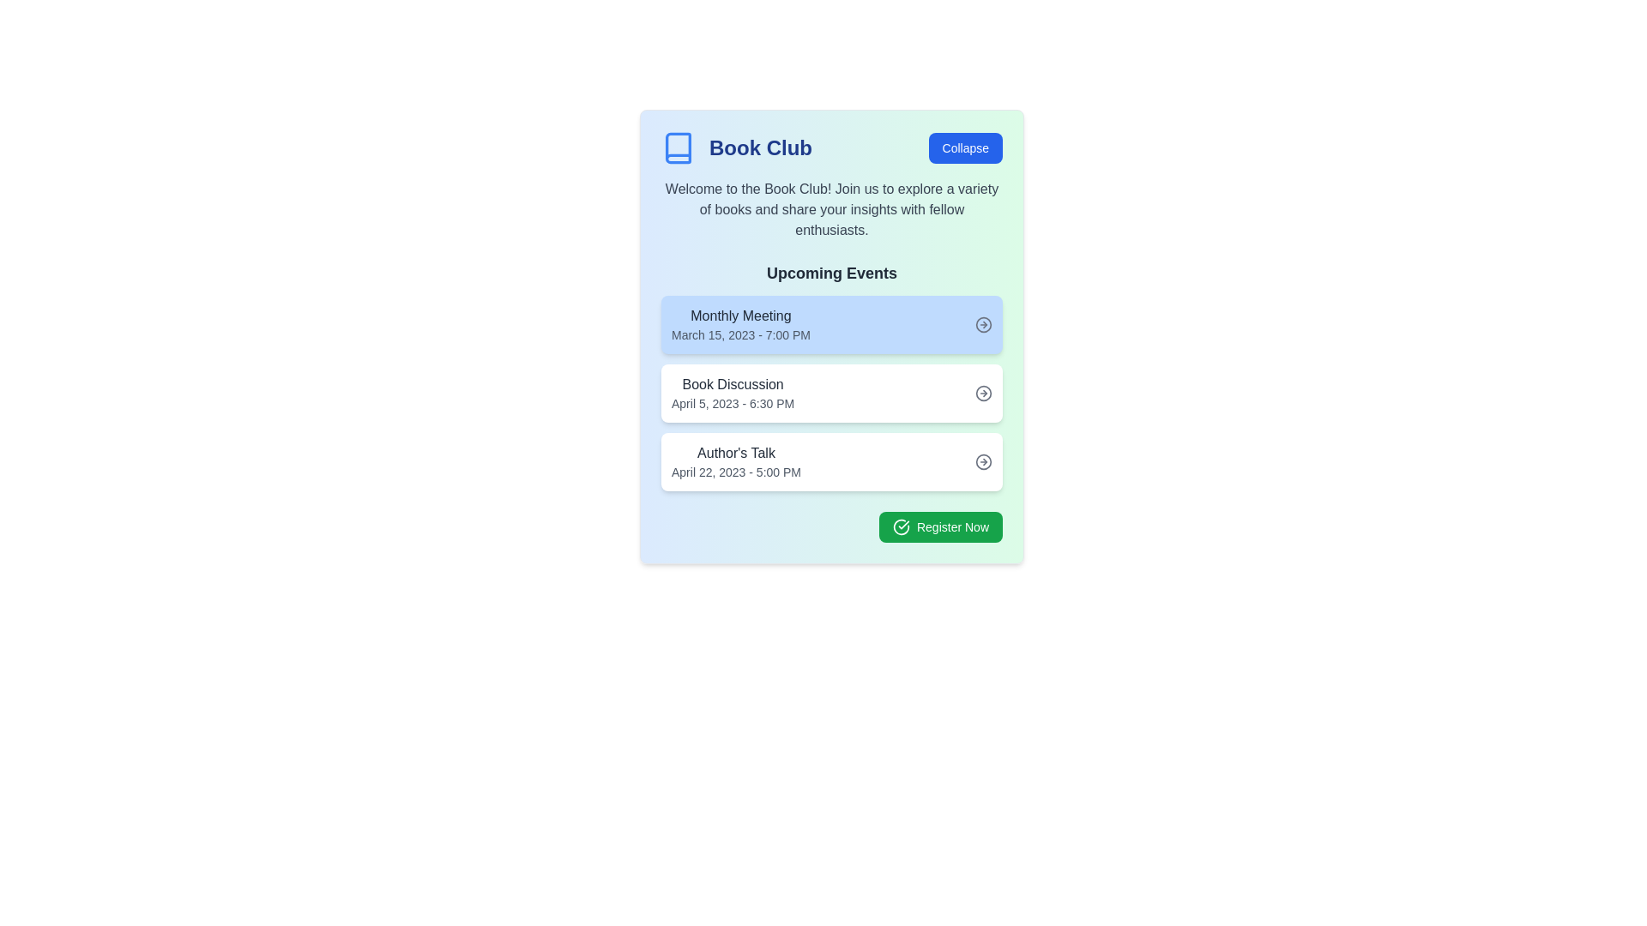 This screenshot has width=1647, height=926. What do you see at coordinates (901, 526) in the screenshot?
I see `the circular confirmation icon with a check mark inside, which is part of the 'Register Now' button located at the bottom-right of the interface` at bounding box center [901, 526].